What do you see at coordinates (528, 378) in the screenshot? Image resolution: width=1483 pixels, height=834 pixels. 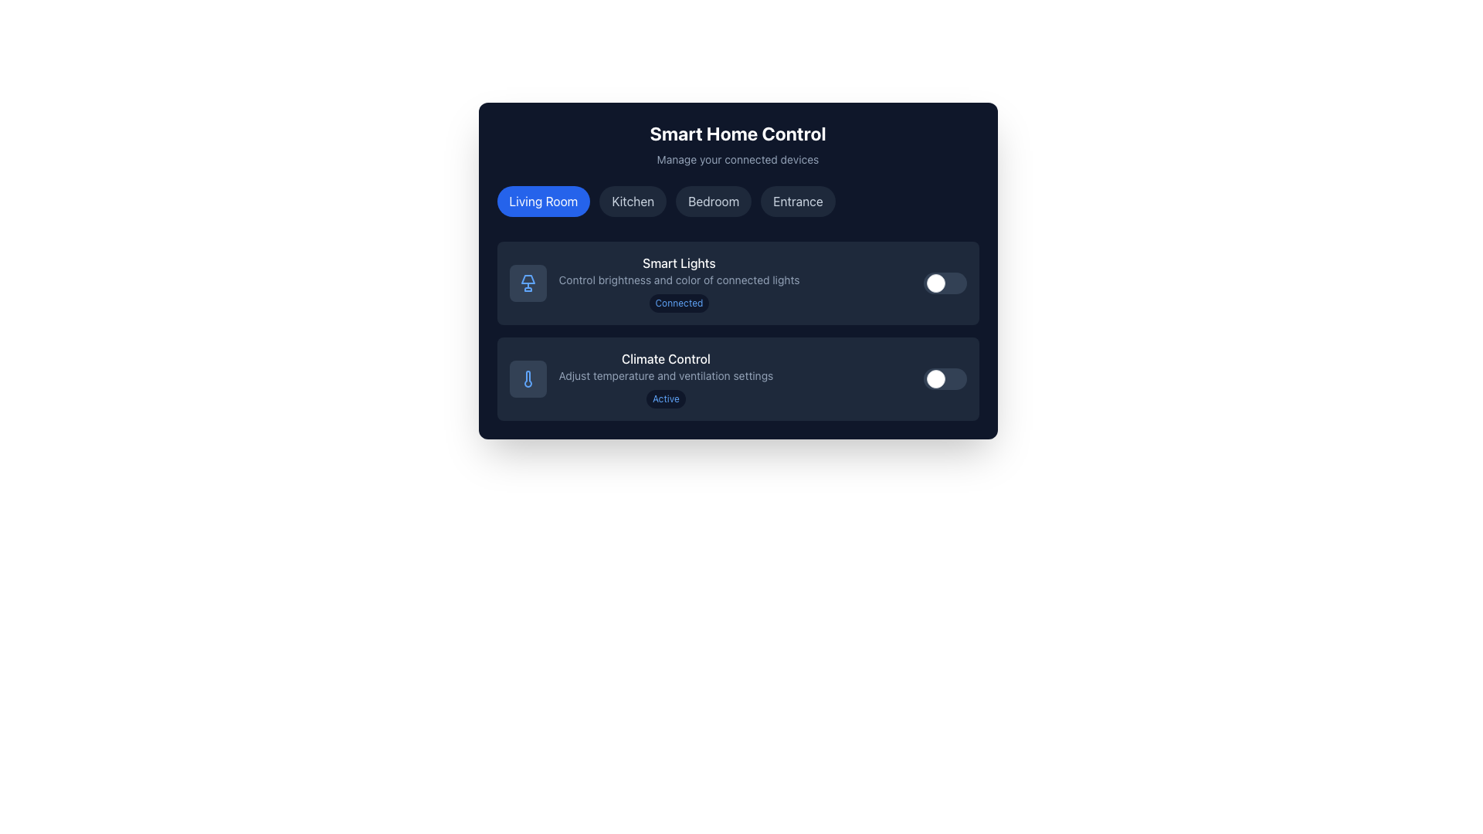 I see `the thermometer icon with a blue outline, located next to the 'Climate Control' label in the lower section of the interface` at bounding box center [528, 378].